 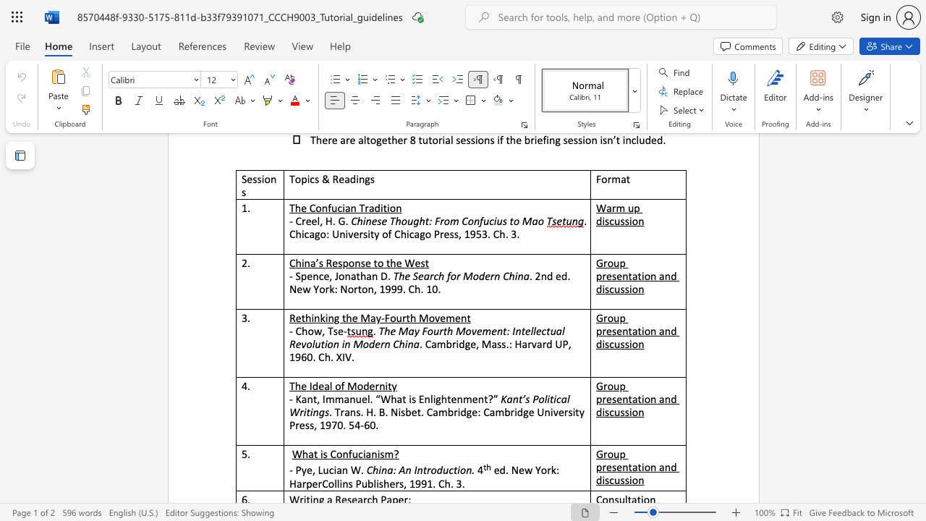 What do you see at coordinates (360, 424) in the screenshot?
I see `the subset text "-60." within the text ". Trans. H. B. Nisbet. Cambridge: Cambridge University Press, 1970. 54-60."` at bounding box center [360, 424].